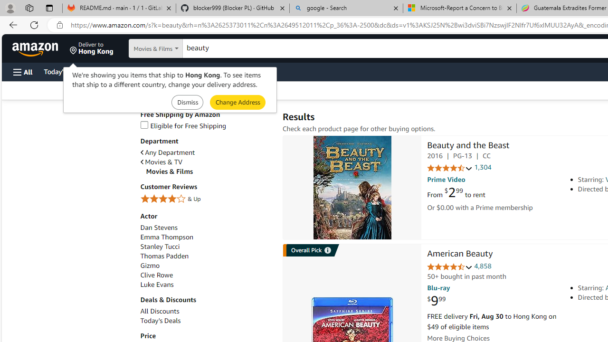 This screenshot has width=608, height=342. I want to click on 'Customer Service', so click(121, 71).